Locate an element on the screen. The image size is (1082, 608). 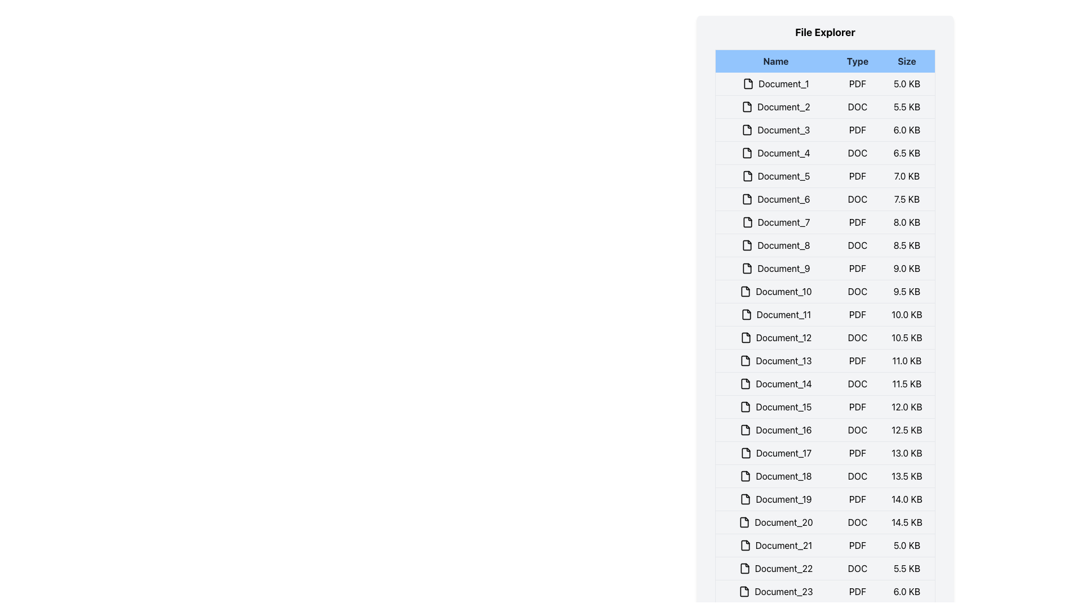
the static text display indicating the file type as a PDF document in the 'Type' column of the row labeled 'Document_19' is located at coordinates (857, 499).